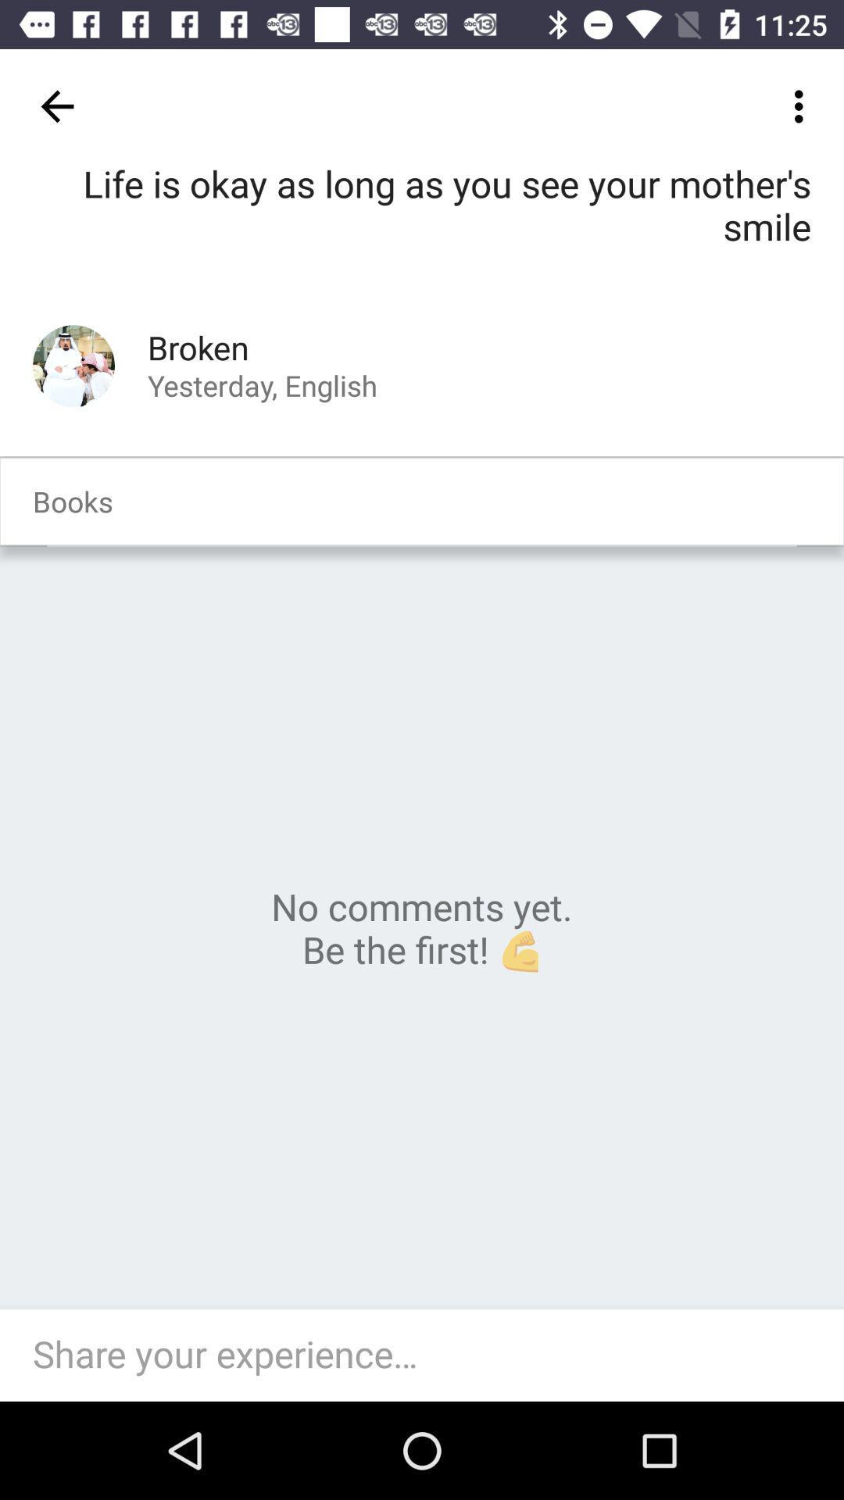 The width and height of the screenshot is (844, 1500). I want to click on item at the top right corner, so click(803, 105).